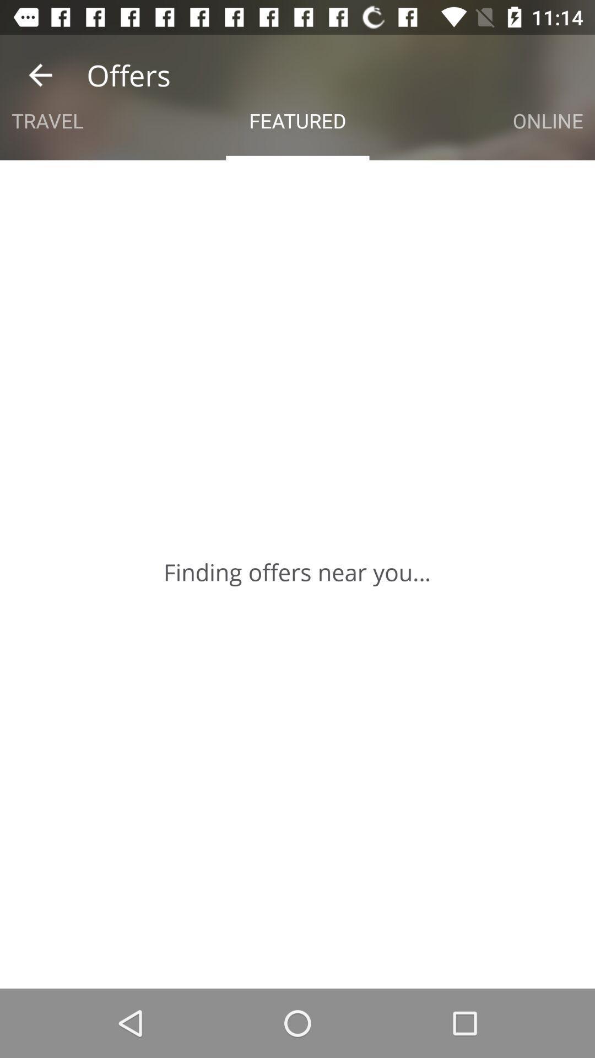  Describe the element at coordinates (47, 121) in the screenshot. I see `the icon to the left of featured app` at that location.